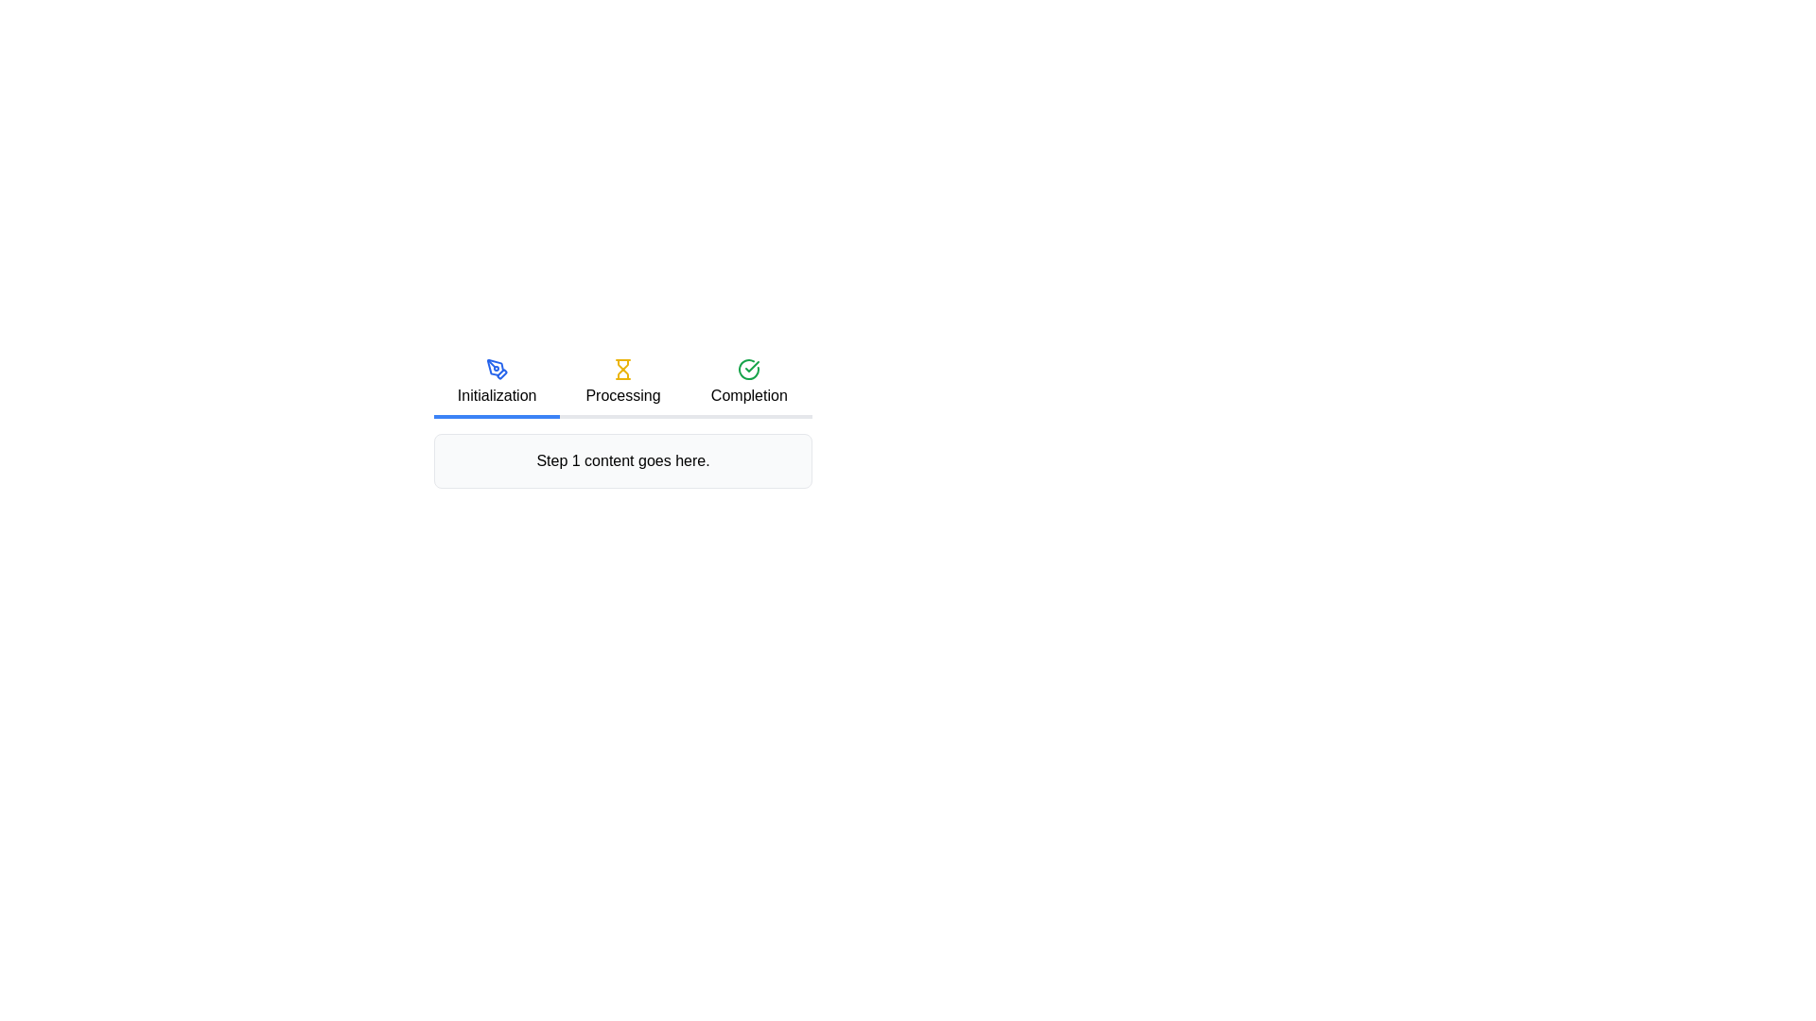  What do you see at coordinates (622, 364) in the screenshot?
I see `the small, yellow, hourglass-shaped icon located above the text labeled 'Processing' in the interface` at bounding box center [622, 364].